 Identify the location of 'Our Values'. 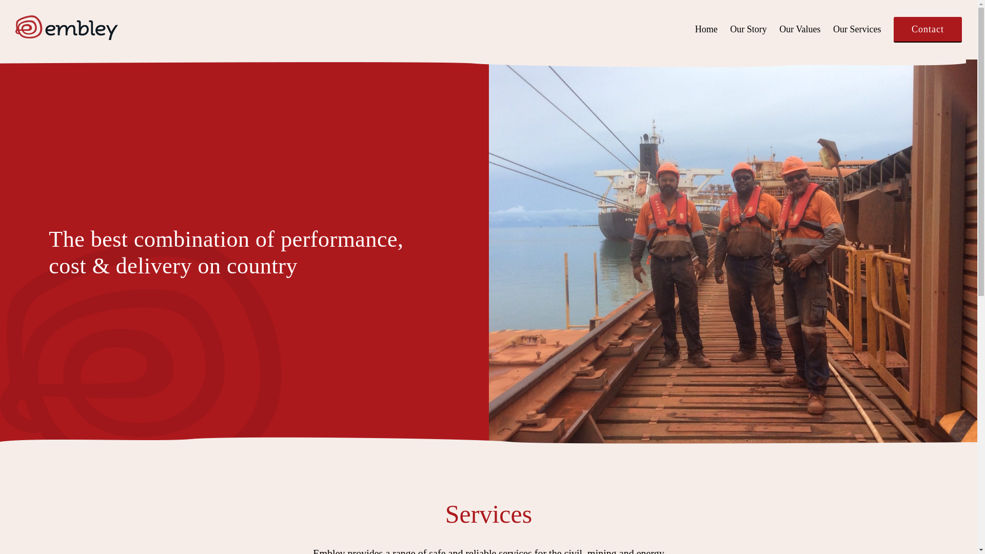
(799, 29).